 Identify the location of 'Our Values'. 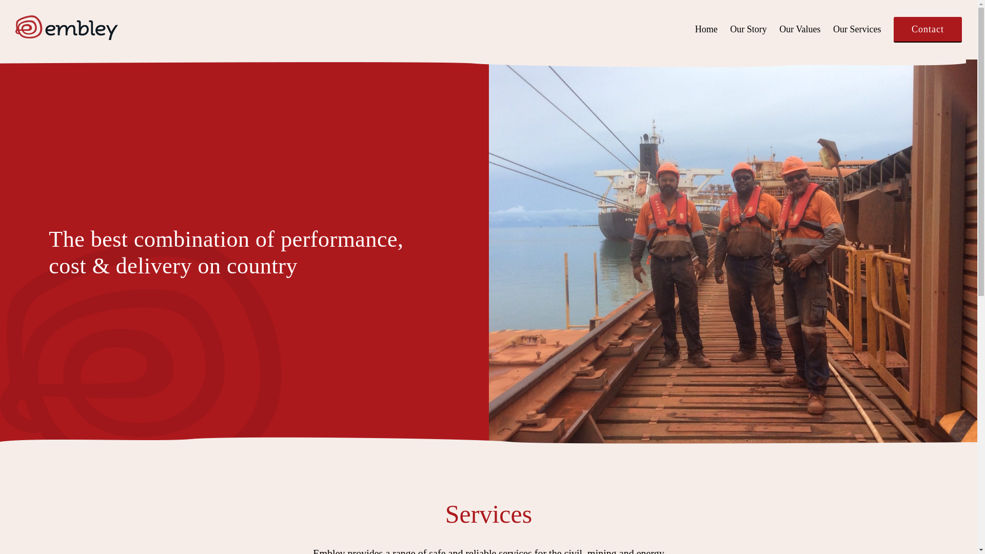
(799, 29).